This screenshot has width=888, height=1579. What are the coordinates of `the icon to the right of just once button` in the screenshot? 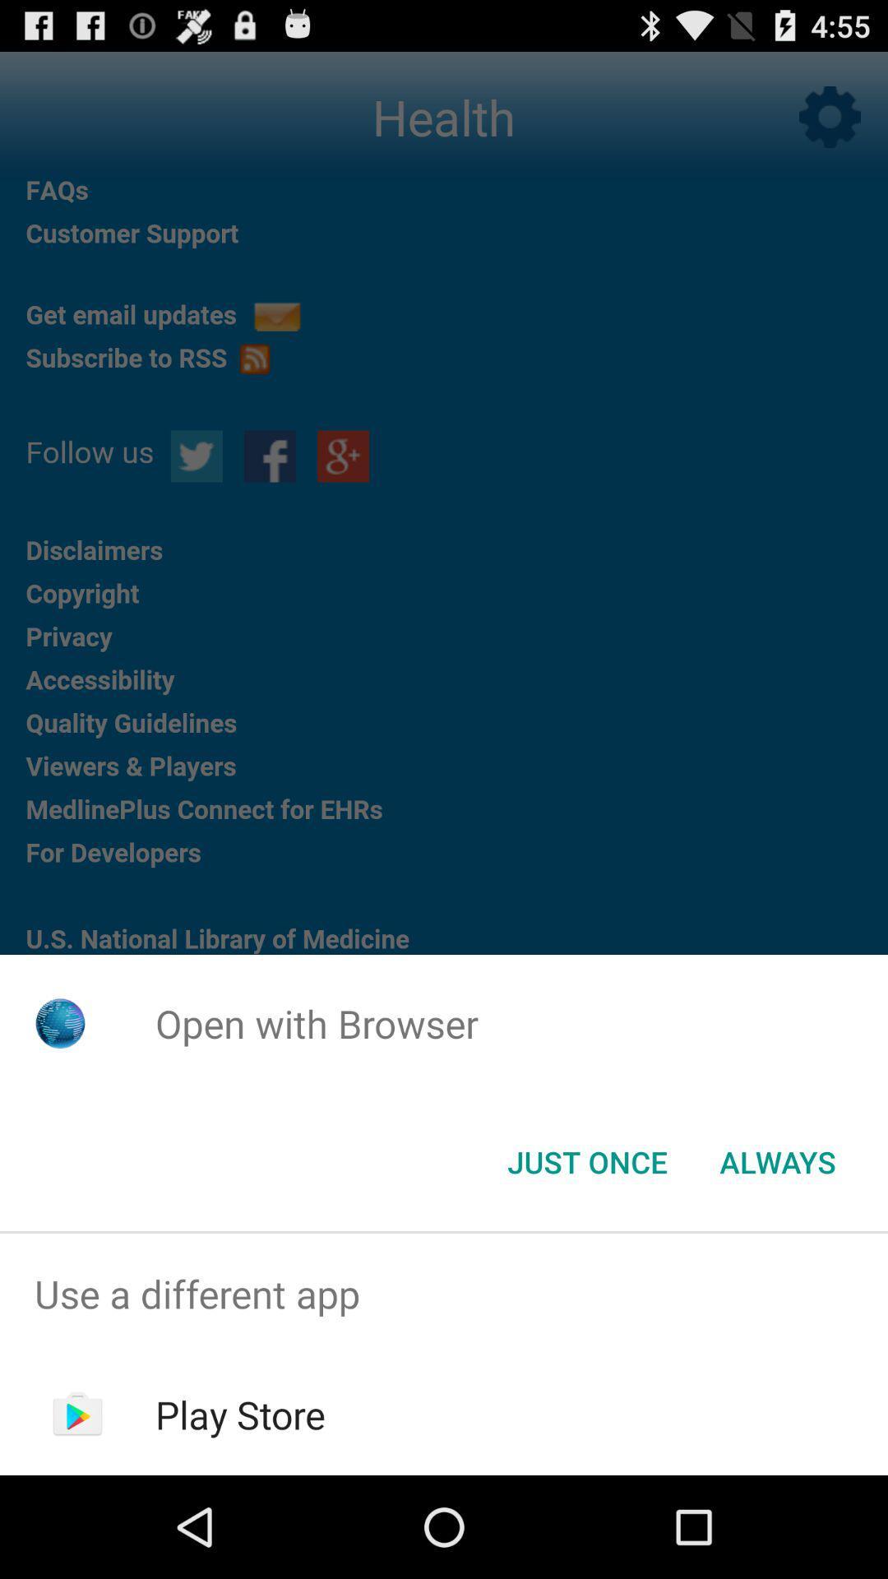 It's located at (777, 1160).